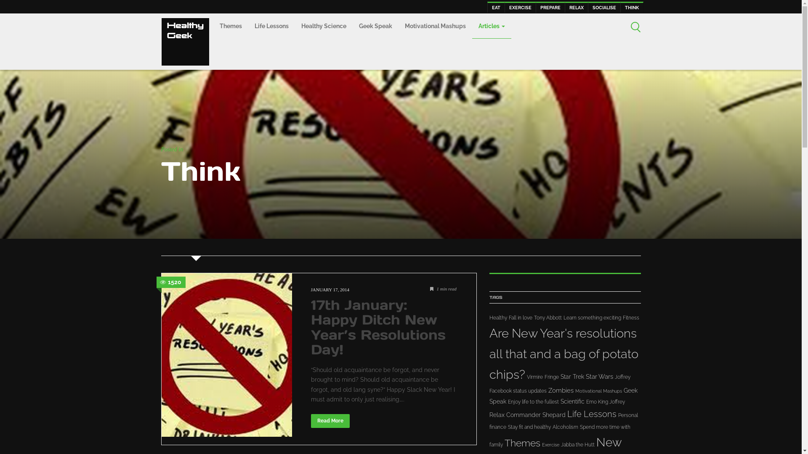 This screenshot has width=808, height=454. What do you see at coordinates (505, 414) in the screenshot?
I see `'Commander Shepard'` at bounding box center [505, 414].